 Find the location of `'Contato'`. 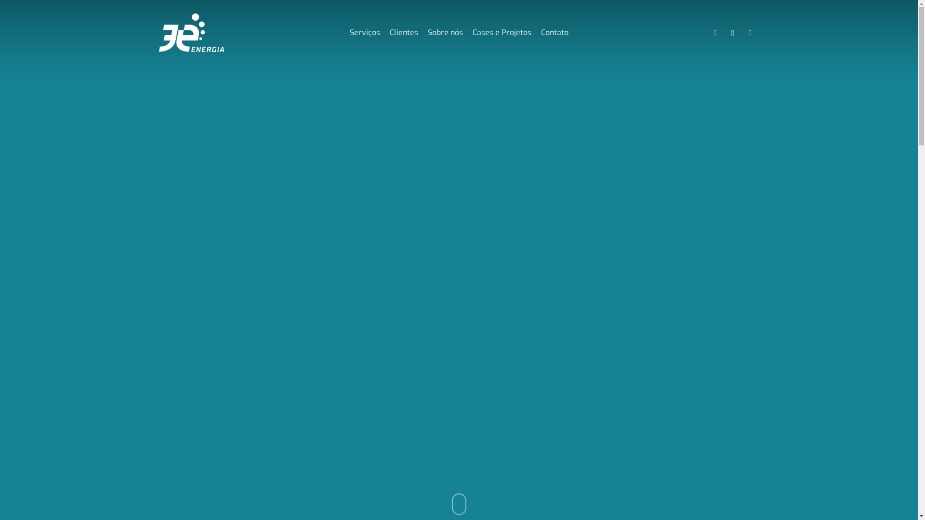

'Contato' is located at coordinates (541, 32).